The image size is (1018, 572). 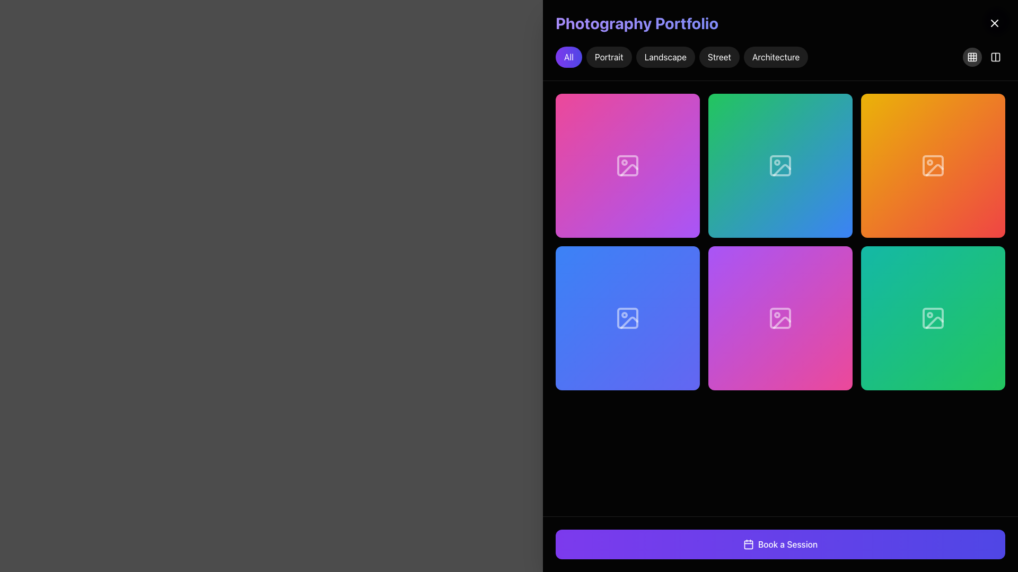 What do you see at coordinates (933, 318) in the screenshot?
I see `the SVG graphical shape with a rect type located in the bottom-right corner of the rightmost green tile in the second row of the gallery grid` at bounding box center [933, 318].